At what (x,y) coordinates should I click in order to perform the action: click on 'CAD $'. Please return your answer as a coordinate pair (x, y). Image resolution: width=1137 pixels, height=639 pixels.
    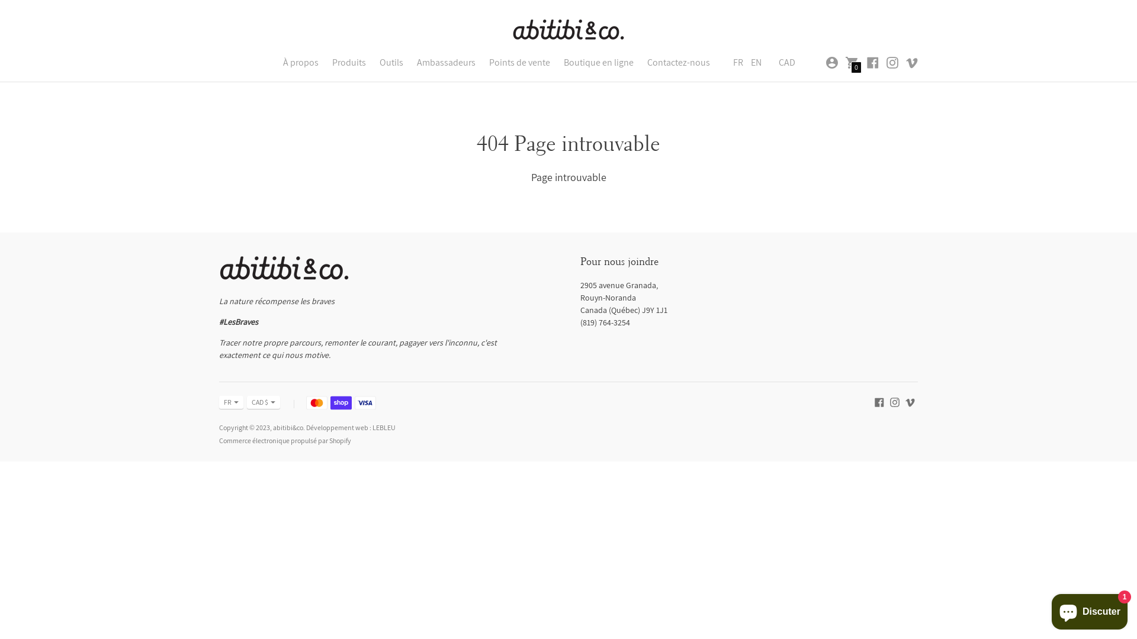
    Looking at the image, I should click on (263, 401).